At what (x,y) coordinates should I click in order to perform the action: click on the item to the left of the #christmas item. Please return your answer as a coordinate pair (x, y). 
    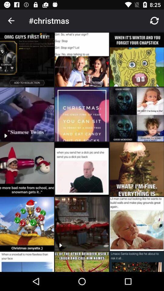
    Looking at the image, I should click on (11, 21).